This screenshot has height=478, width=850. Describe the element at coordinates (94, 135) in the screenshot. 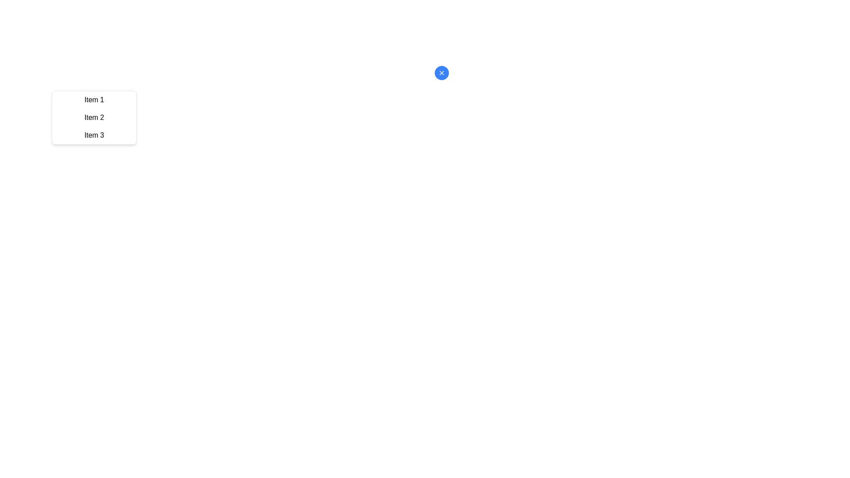

I see `the list item labeled 'Item 3', which is the third entry in a vertically stacked list of similar items` at that location.